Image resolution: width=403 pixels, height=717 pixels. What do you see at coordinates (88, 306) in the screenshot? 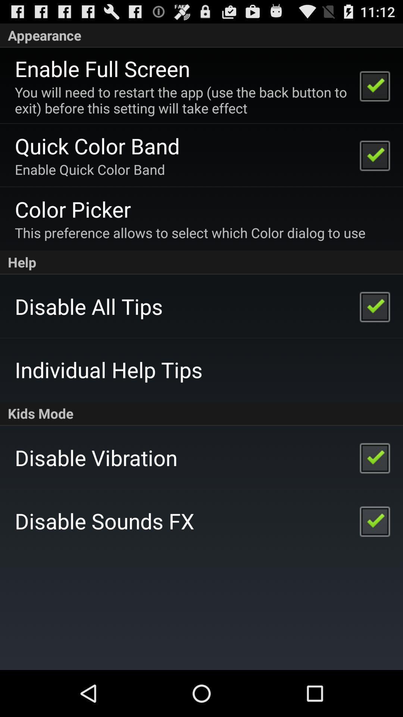
I see `icon above the individual help tips app` at bounding box center [88, 306].